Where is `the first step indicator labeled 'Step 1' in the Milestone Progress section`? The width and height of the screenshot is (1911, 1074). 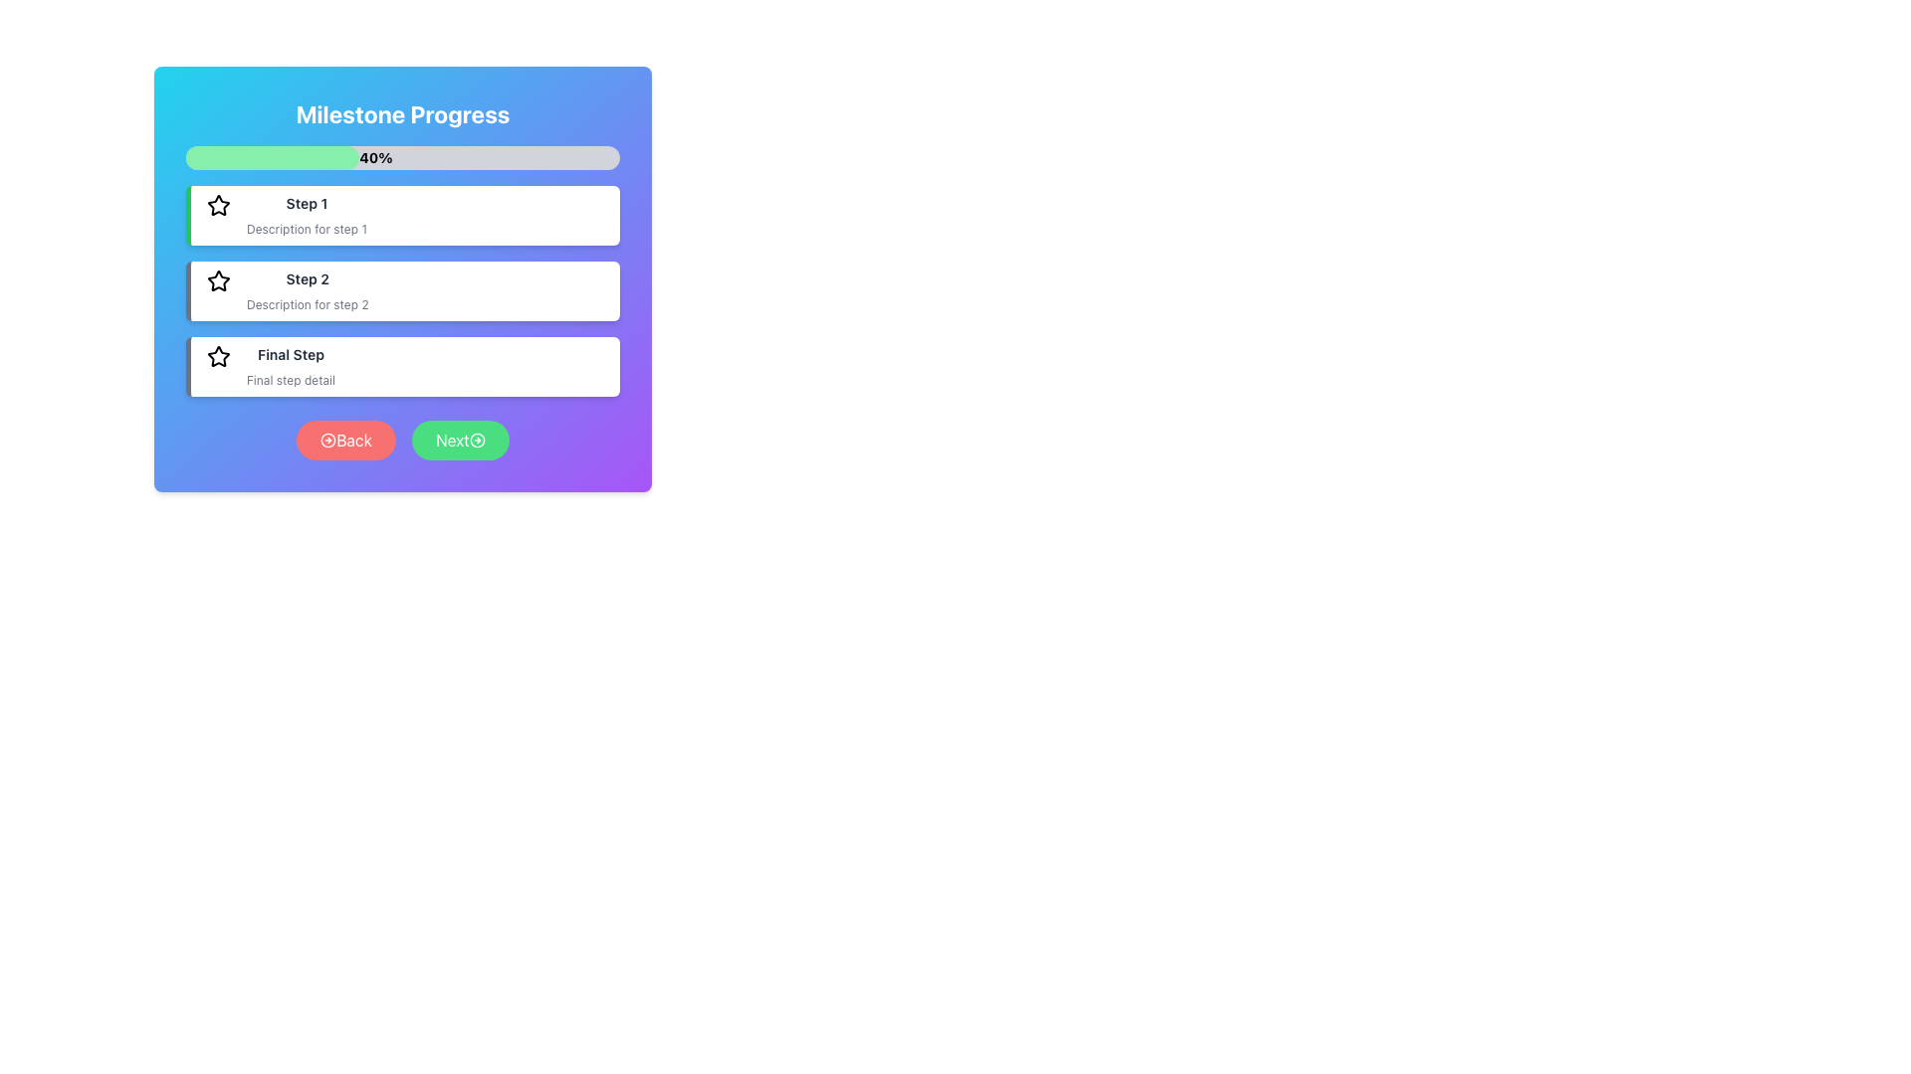 the first step indicator labeled 'Step 1' in the Milestone Progress section is located at coordinates (401, 215).